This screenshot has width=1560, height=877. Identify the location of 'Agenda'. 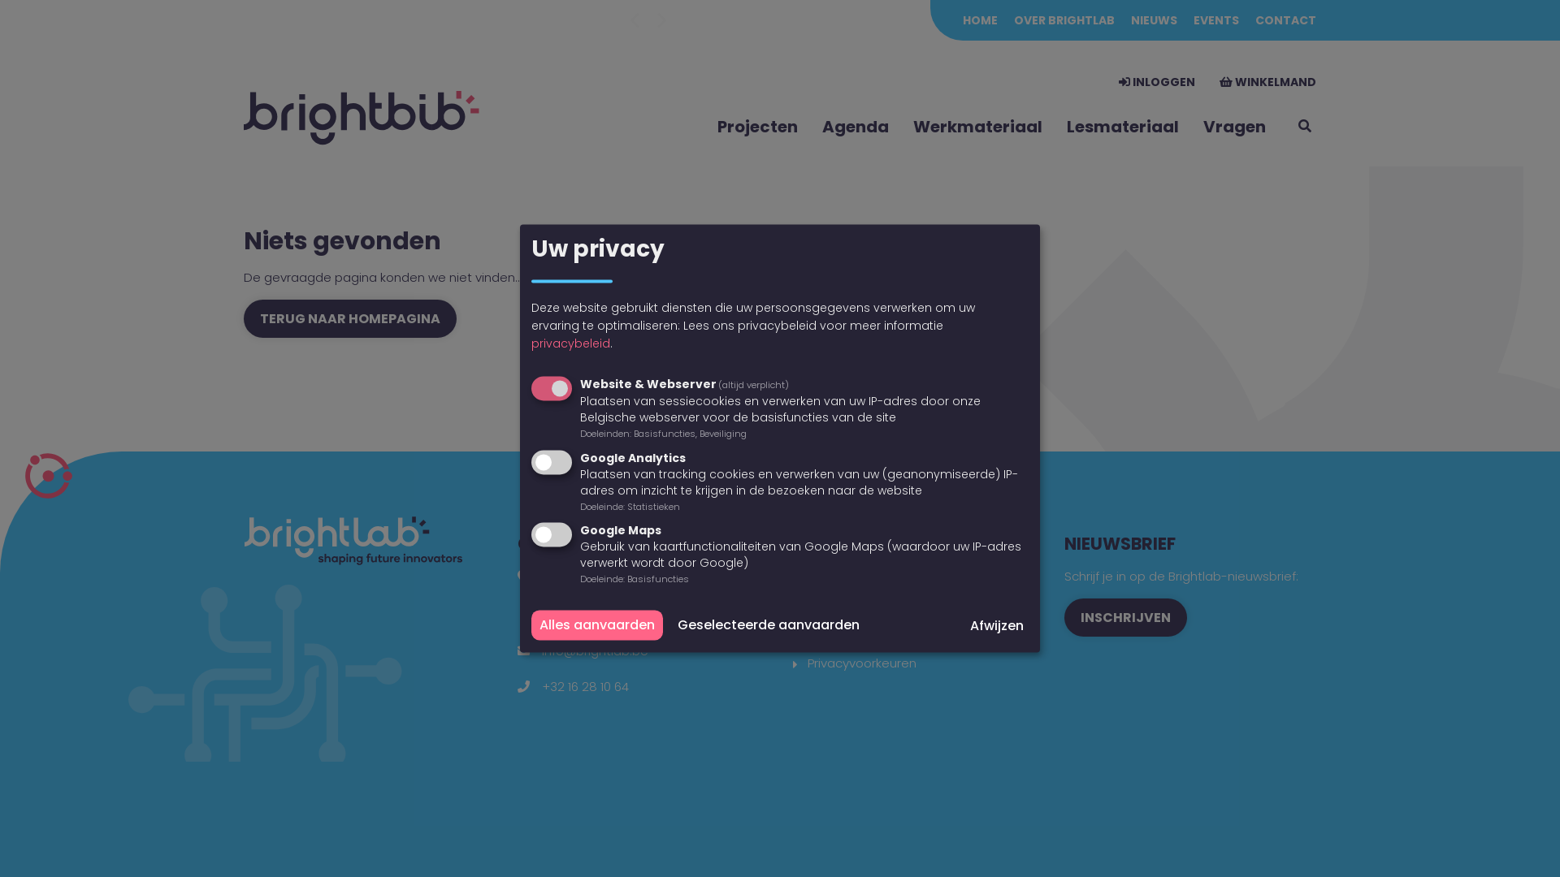
(822, 125).